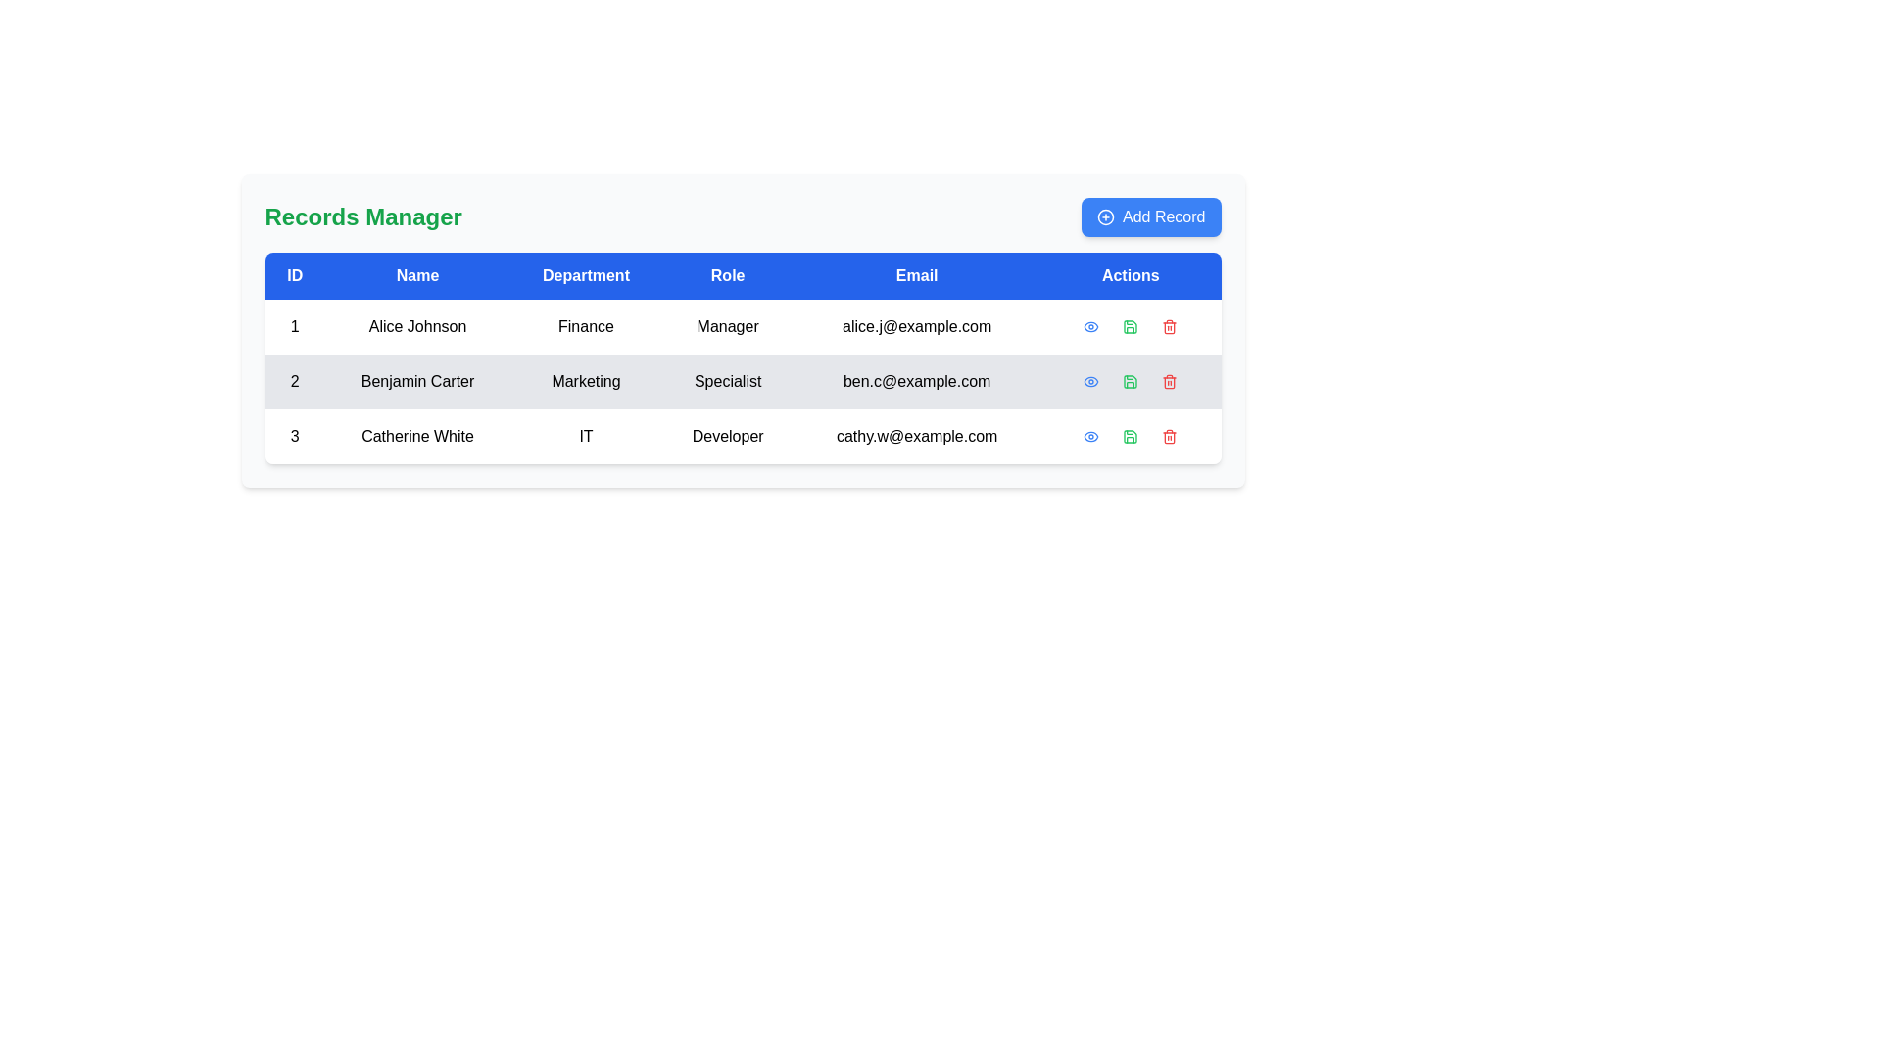 The image size is (1881, 1058). I want to click on the trash bin icon associated with 'Benjamin Carter' in the 'Actions' column, so click(1170, 381).